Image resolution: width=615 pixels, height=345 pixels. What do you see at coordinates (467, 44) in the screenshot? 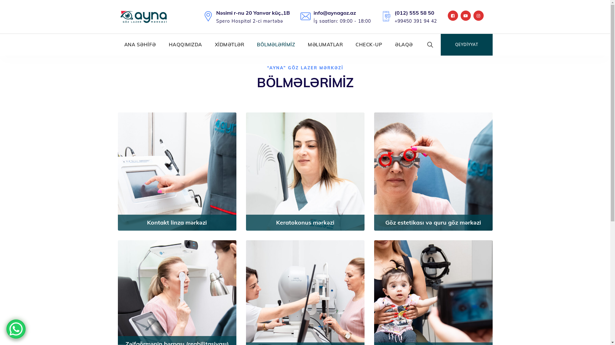
I see `'QEYDIYYAT'` at bounding box center [467, 44].